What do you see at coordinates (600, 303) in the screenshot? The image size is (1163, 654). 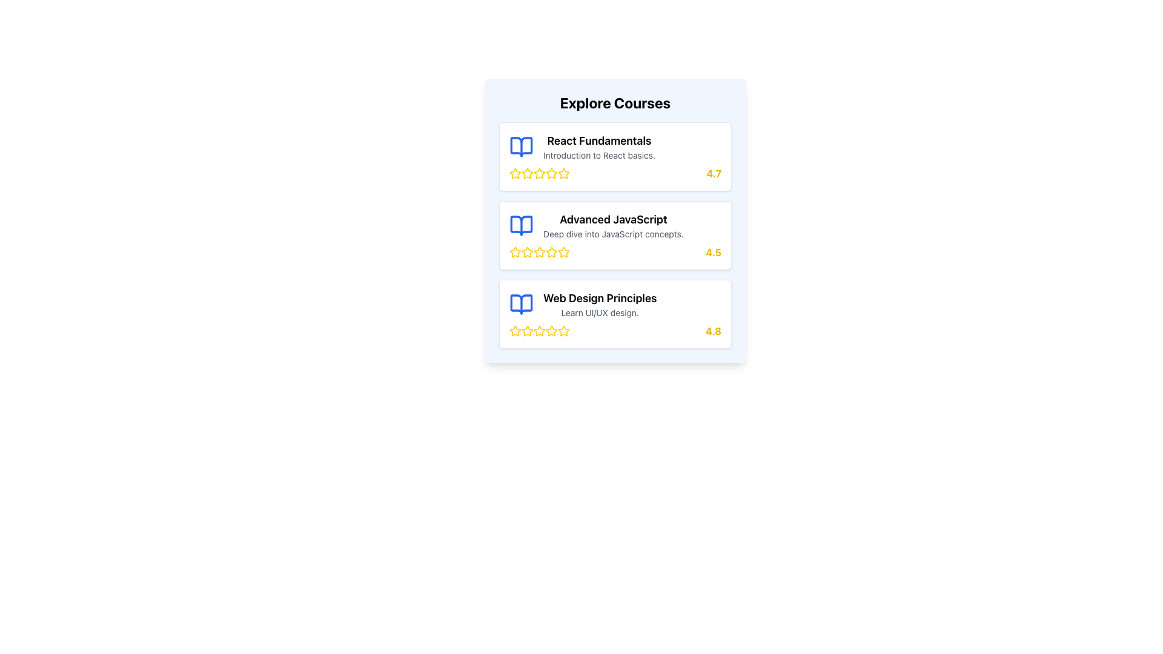 I see `the Text Label displaying 'Web Design Principles' and 'Learn UI/UX design' located in the third row under 'Explore Courses'` at bounding box center [600, 303].